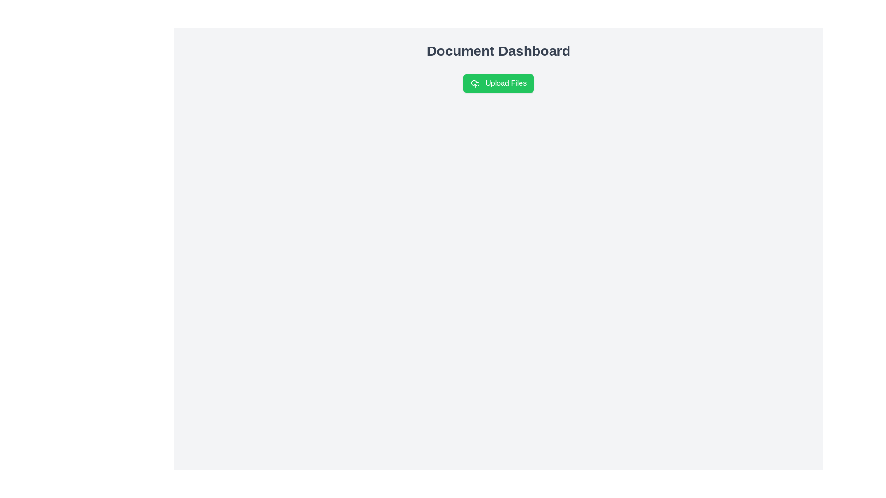  Describe the element at coordinates (475, 83) in the screenshot. I see `the cloud-shaped icon with an upward arrow located to the left of the green 'Upload Files' button` at that location.